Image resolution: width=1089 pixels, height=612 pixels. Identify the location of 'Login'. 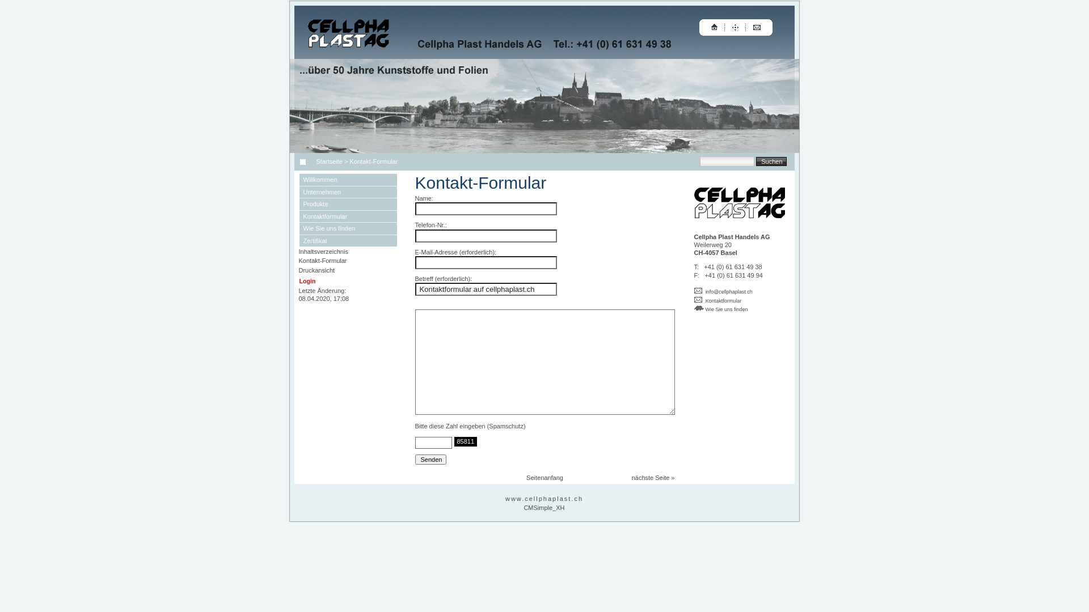
(307, 280).